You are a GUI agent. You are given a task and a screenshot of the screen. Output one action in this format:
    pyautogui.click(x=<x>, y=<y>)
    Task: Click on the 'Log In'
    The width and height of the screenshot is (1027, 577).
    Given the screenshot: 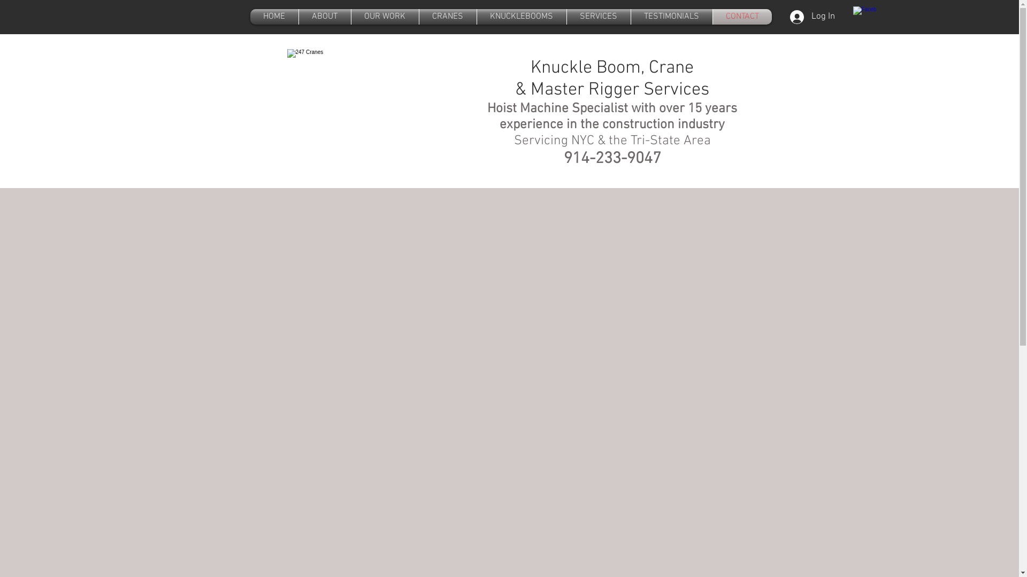 What is the action you would take?
    pyautogui.click(x=782, y=17)
    